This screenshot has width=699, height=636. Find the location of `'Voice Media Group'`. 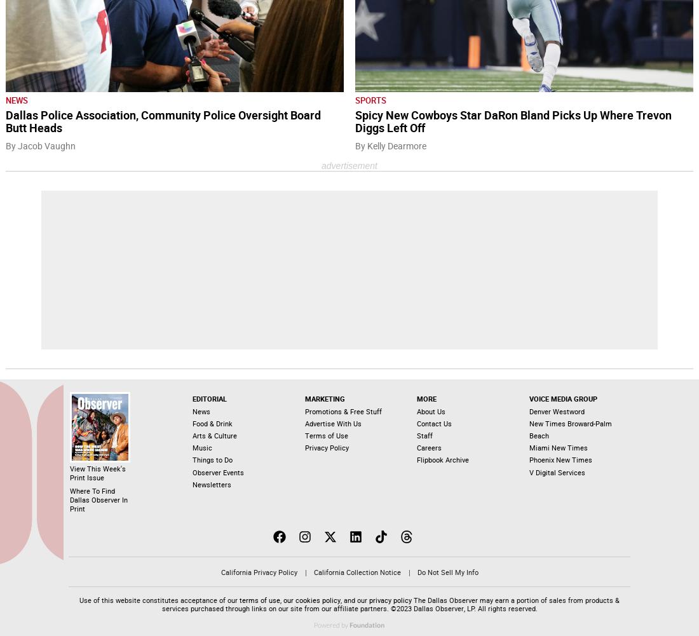

'Voice Media Group' is located at coordinates (529, 399).